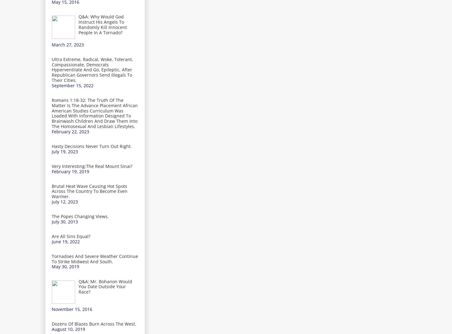 This screenshot has height=334, width=452. What do you see at coordinates (64, 151) in the screenshot?
I see `'July 19, 2023'` at bounding box center [64, 151].